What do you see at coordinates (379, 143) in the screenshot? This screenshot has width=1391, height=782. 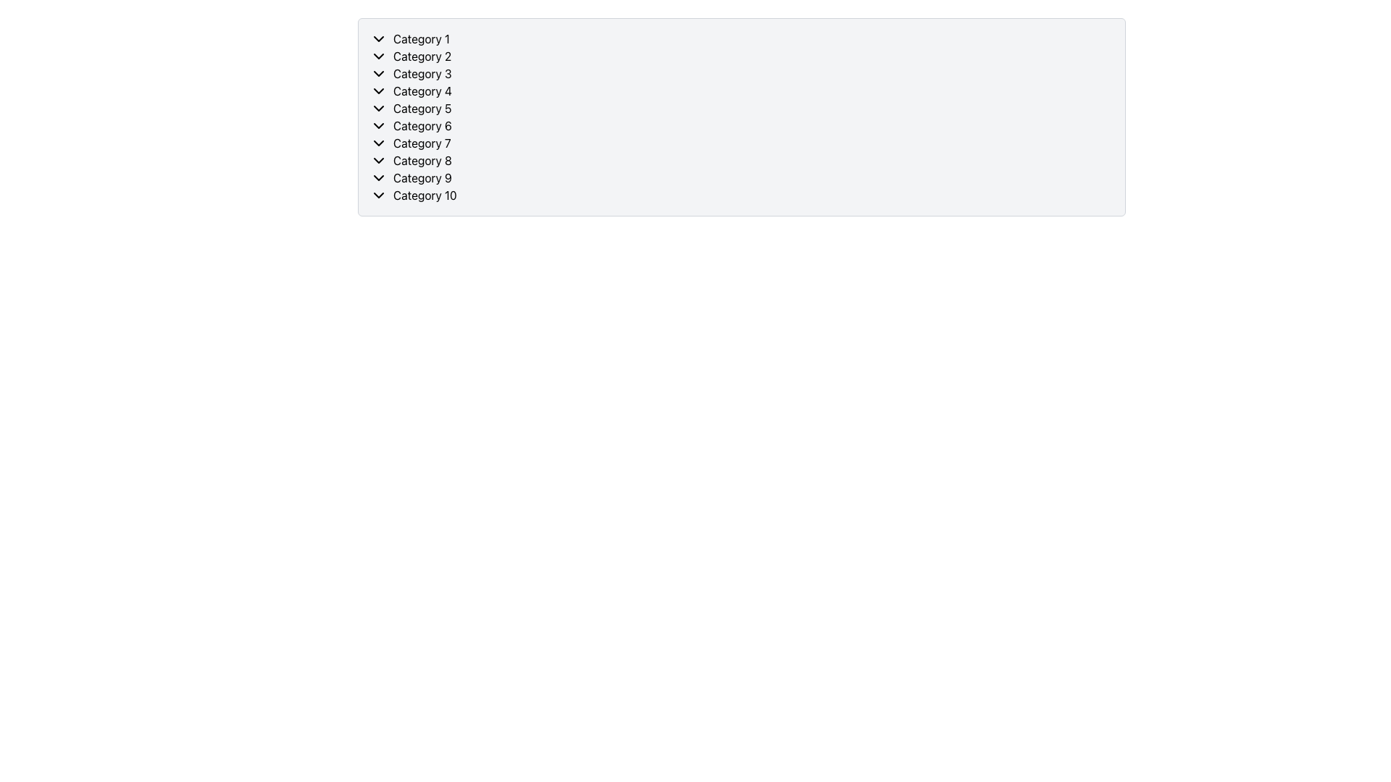 I see `the downward-pointing chevron icon, which is styled with a thin black outline and located to the left of the text 'Category 7'` at bounding box center [379, 143].